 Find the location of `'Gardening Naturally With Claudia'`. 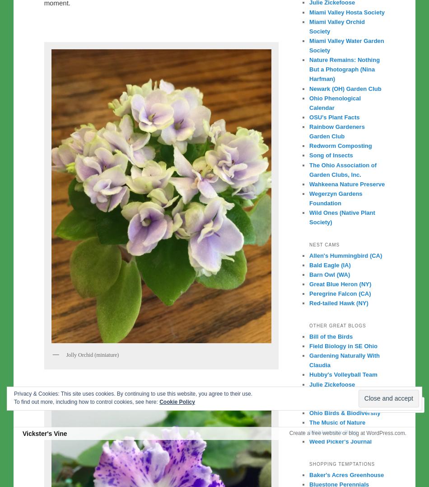

'Gardening Naturally With Claudia' is located at coordinates (309, 360).